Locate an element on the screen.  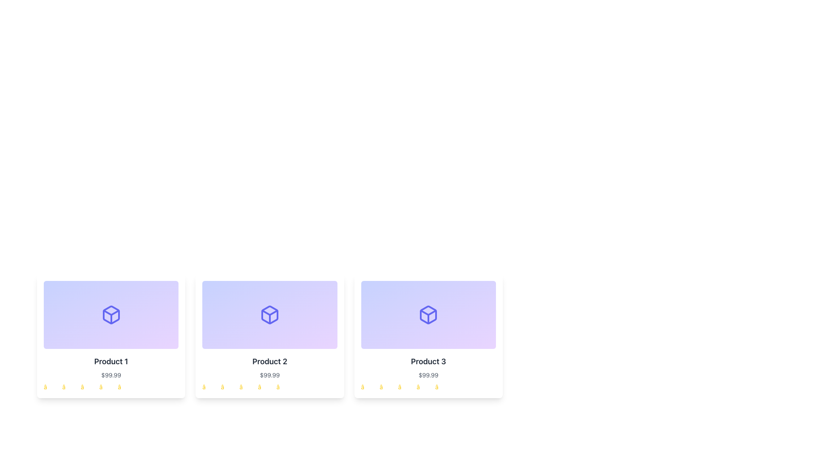
the decorative panel with a gradient background and a box icon located at the top of the card labeled 'Product 1' is located at coordinates (110, 314).